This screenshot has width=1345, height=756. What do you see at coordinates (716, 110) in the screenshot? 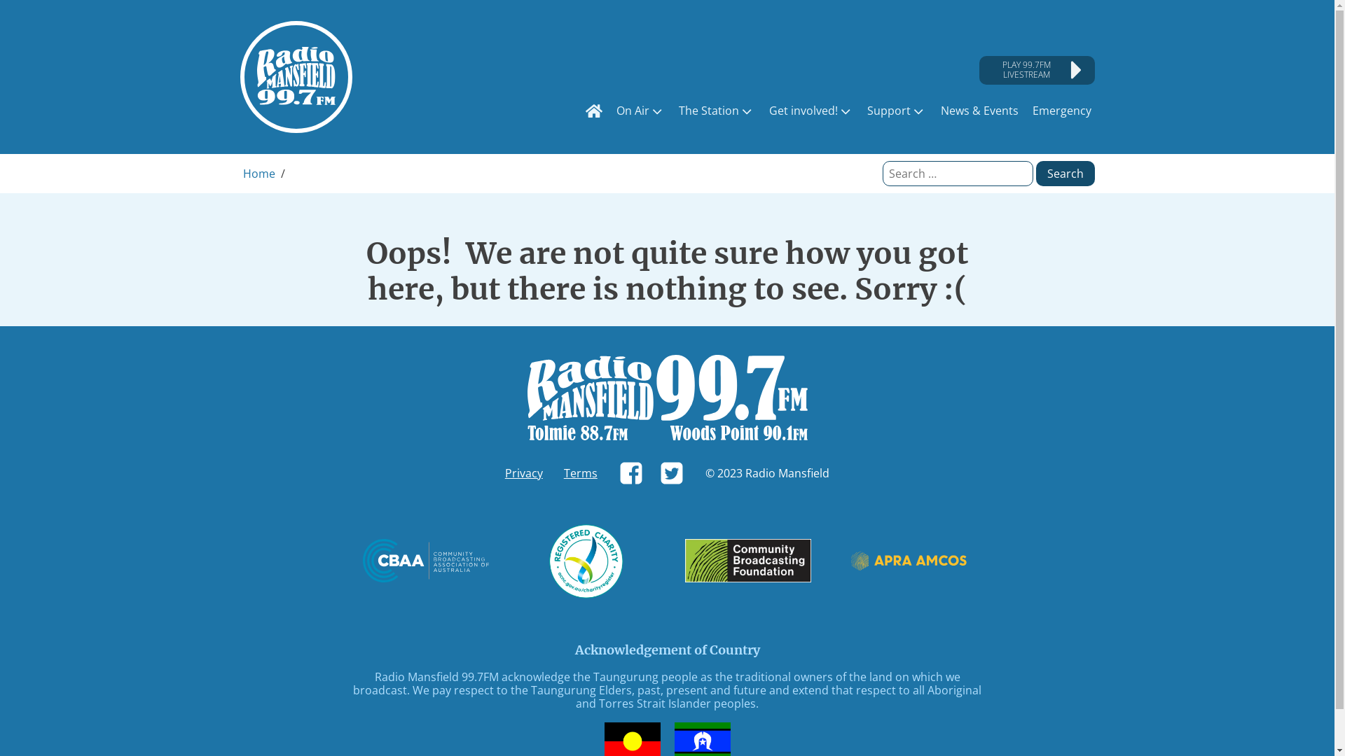
I see `'The Station'` at bounding box center [716, 110].